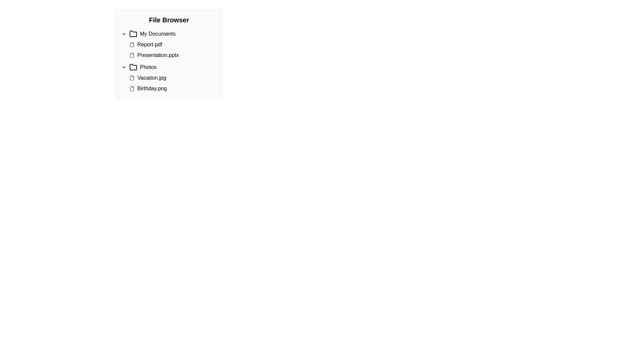 The image size is (640, 360). Describe the element at coordinates (169, 34) in the screenshot. I see `the Expandable folder item labeled 'My Documents' in the File Browser section` at that location.